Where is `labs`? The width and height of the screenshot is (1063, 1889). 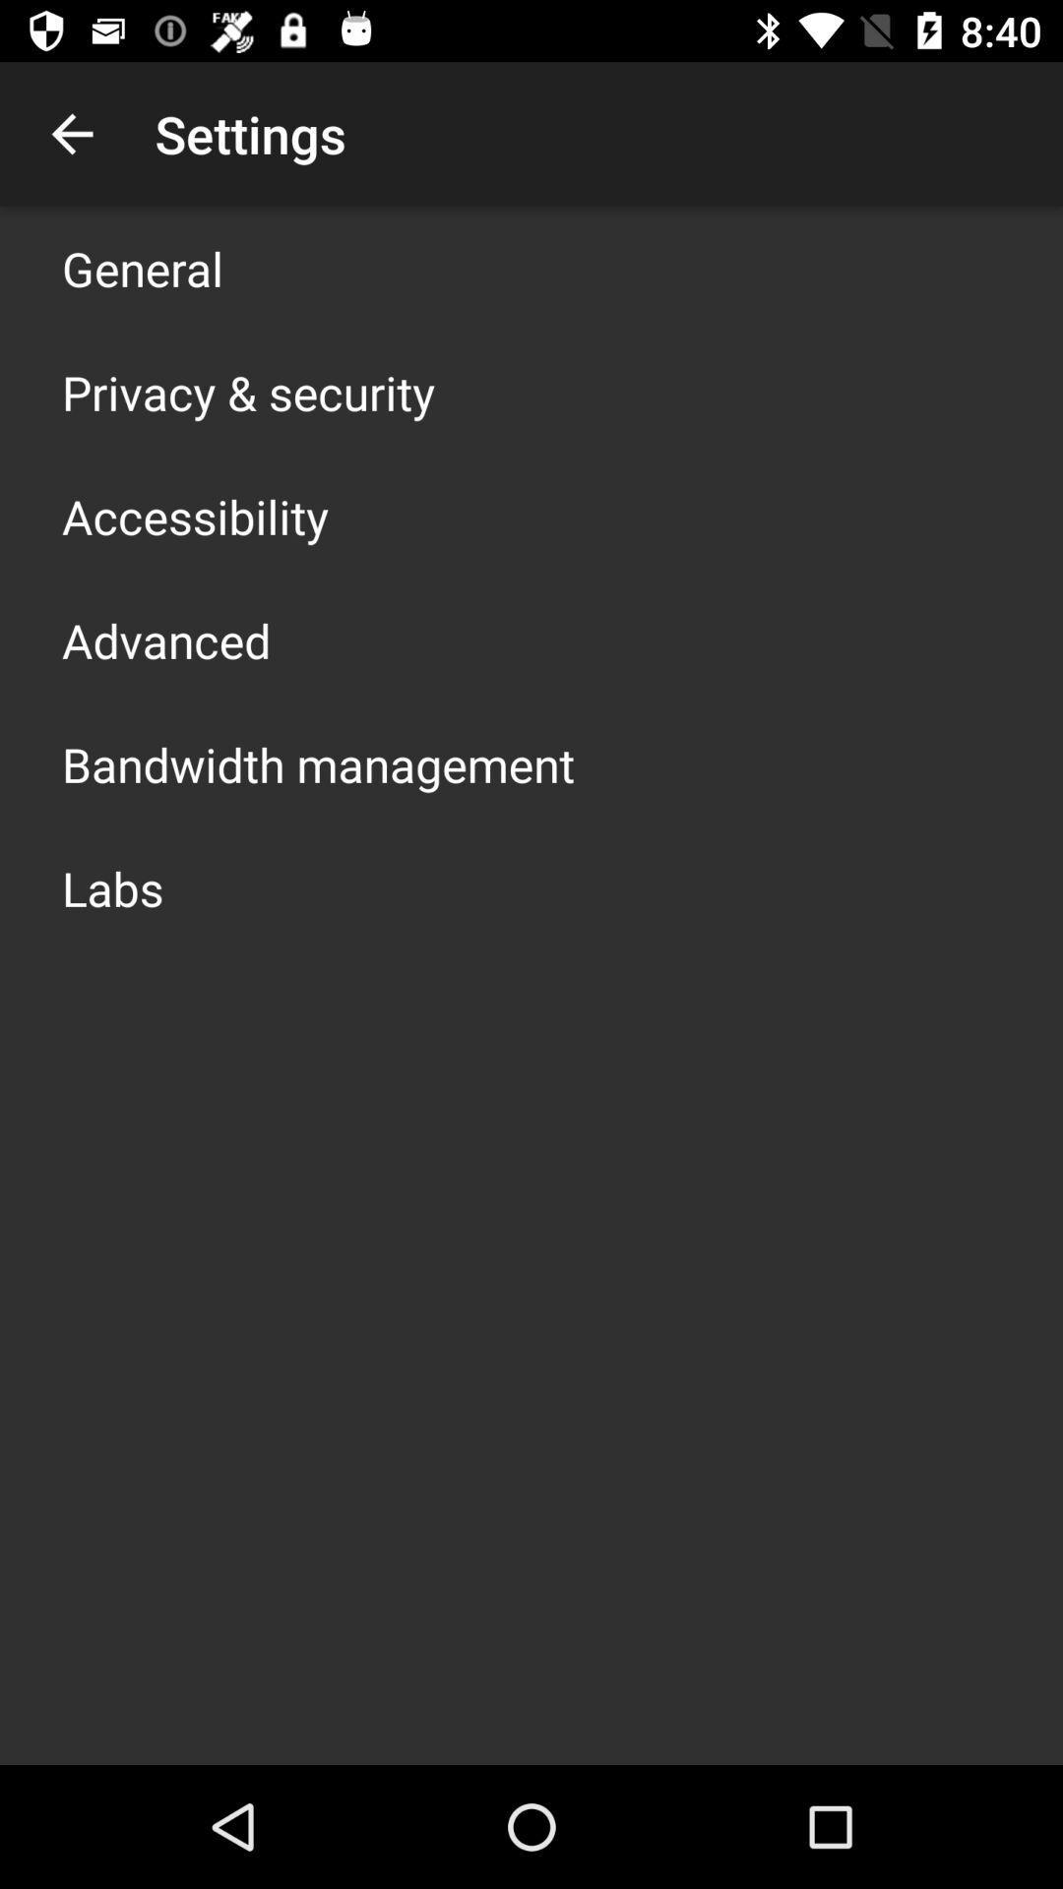 labs is located at coordinates (112, 886).